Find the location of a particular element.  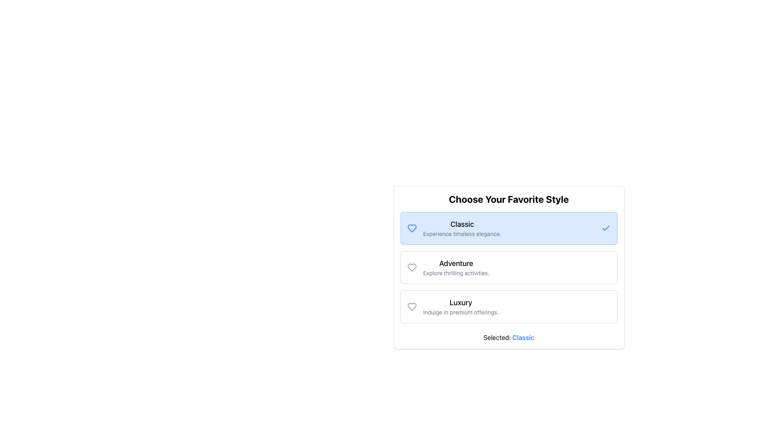

the heart-shaped icon outlined in blue, representing the favoriting functionality, located in the 'Choose Your Favorite Style' selection list under the 'Classic' option is located at coordinates (412, 228).